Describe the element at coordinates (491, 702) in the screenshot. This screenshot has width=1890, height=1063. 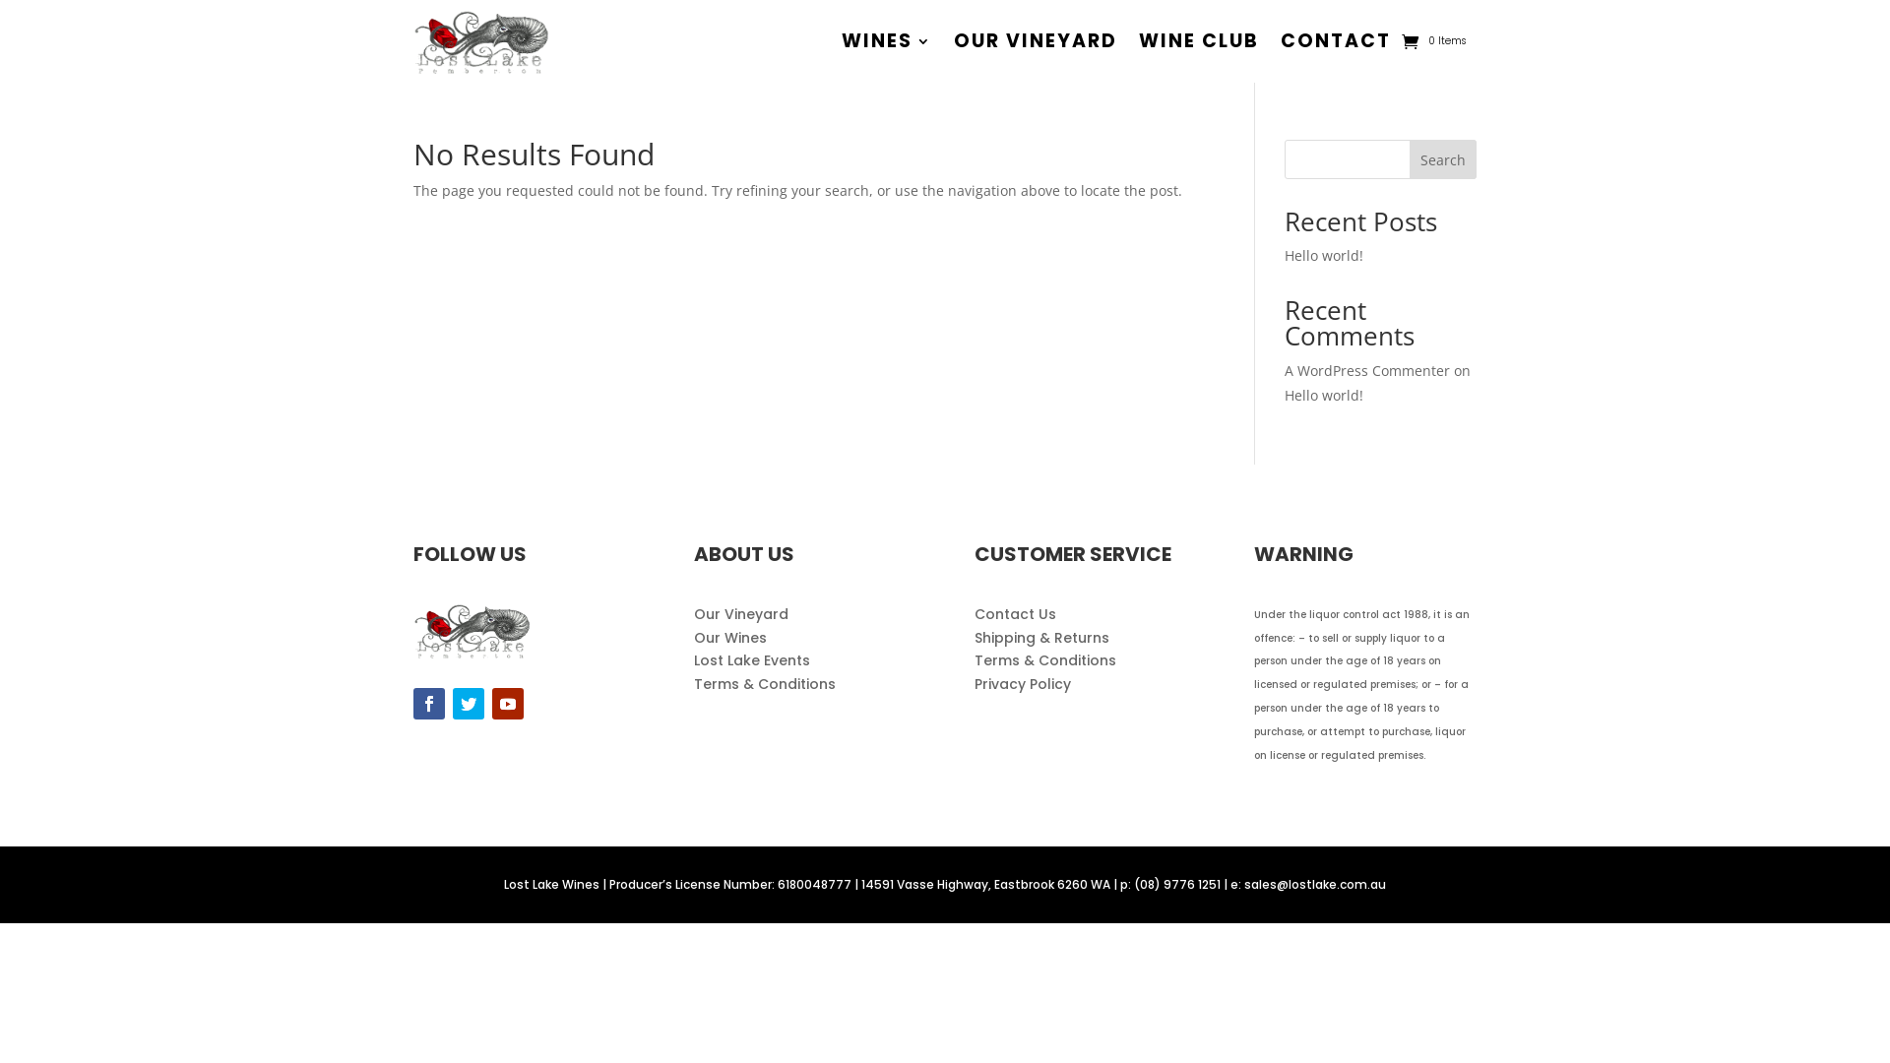
I see `'Follow on Youtube'` at that location.